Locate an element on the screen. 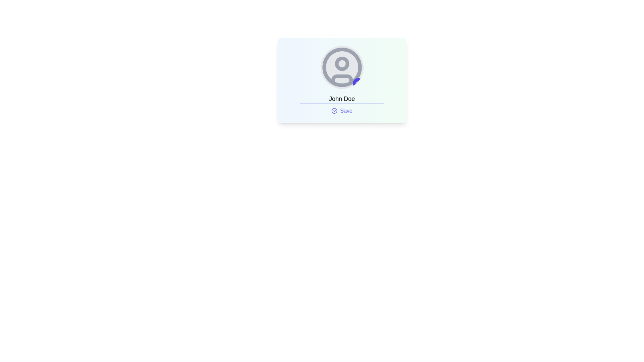 Image resolution: width=644 pixels, height=362 pixels. the monochromatic camera icon located at the bottom-right corner of the user avatar is located at coordinates (358, 83).